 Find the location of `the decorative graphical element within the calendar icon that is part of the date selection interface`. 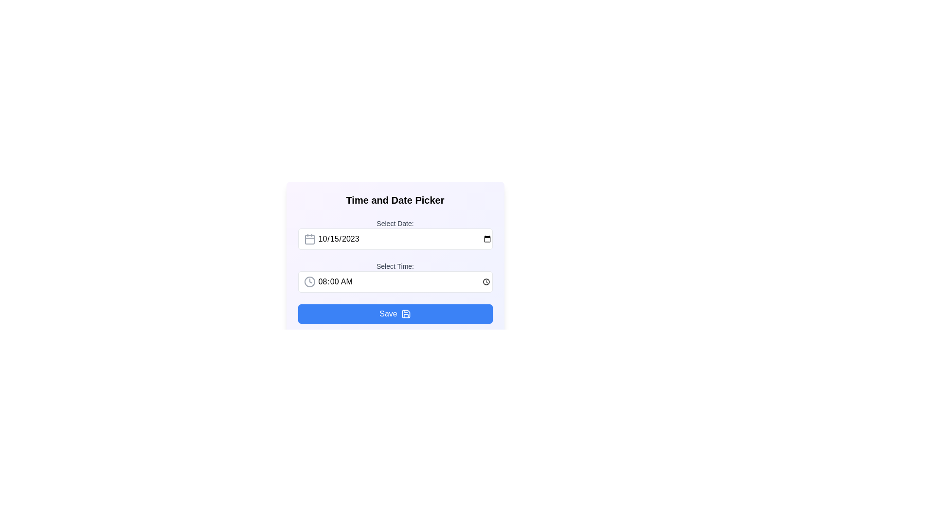

the decorative graphical element within the calendar icon that is part of the date selection interface is located at coordinates (309, 240).